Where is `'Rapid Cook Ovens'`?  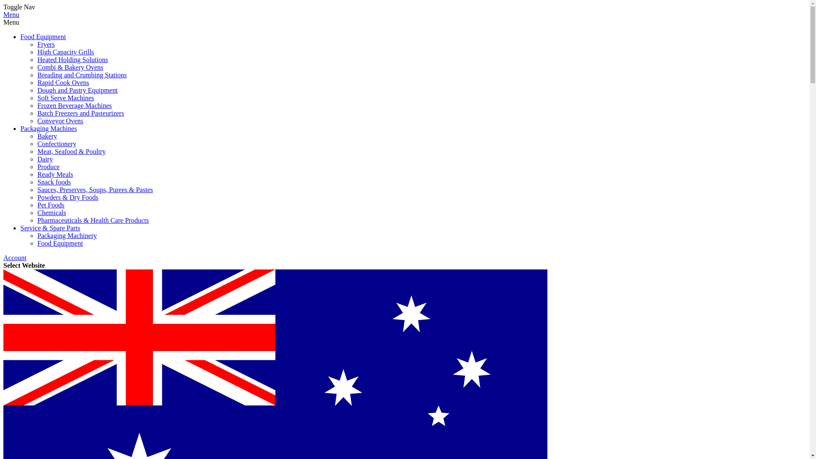 'Rapid Cook Ovens' is located at coordinates (37, 82).